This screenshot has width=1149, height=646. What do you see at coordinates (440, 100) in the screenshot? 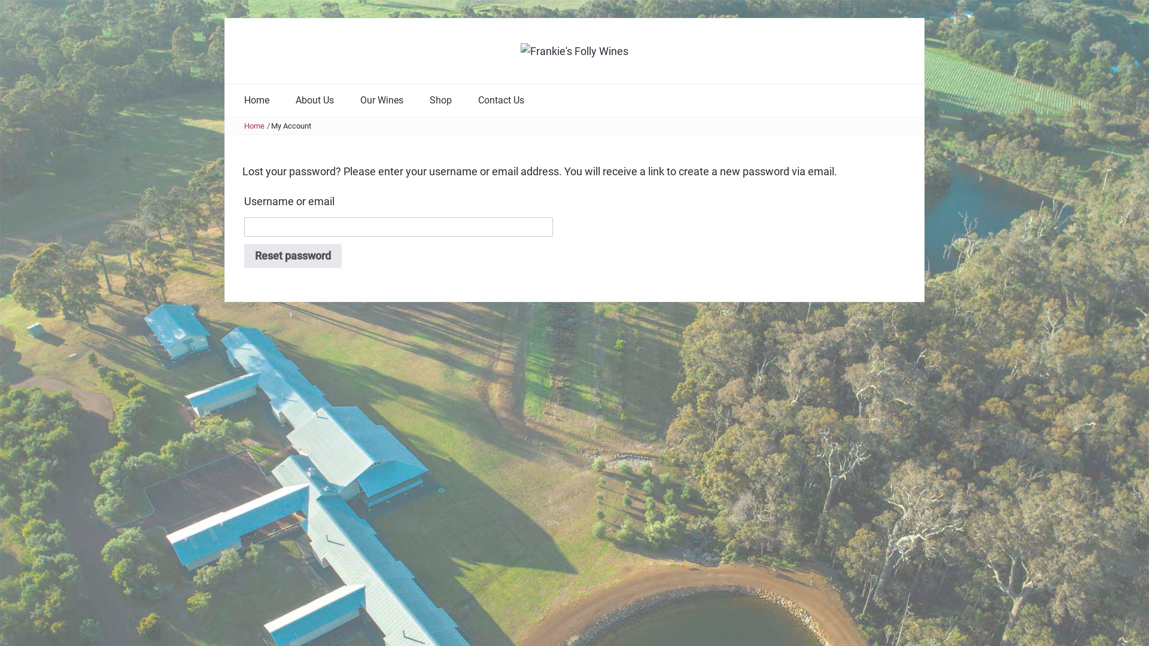
I see `'Shop'` at bounding box center [440, 100].